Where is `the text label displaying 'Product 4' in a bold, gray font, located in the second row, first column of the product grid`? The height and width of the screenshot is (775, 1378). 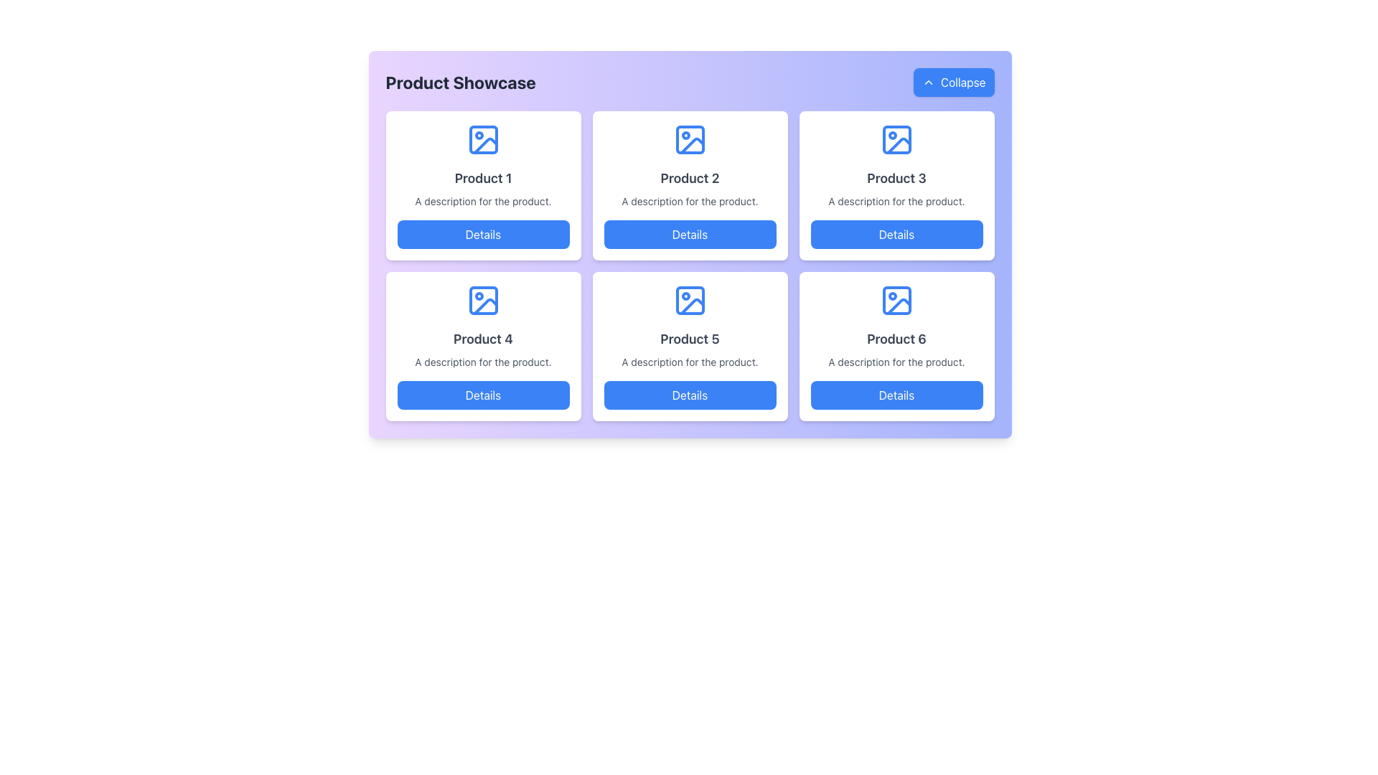
the text label displaying 'Product 4' in a bold, gray font, located in the second row, first column of the product grid is located at coordinates (483, 339).